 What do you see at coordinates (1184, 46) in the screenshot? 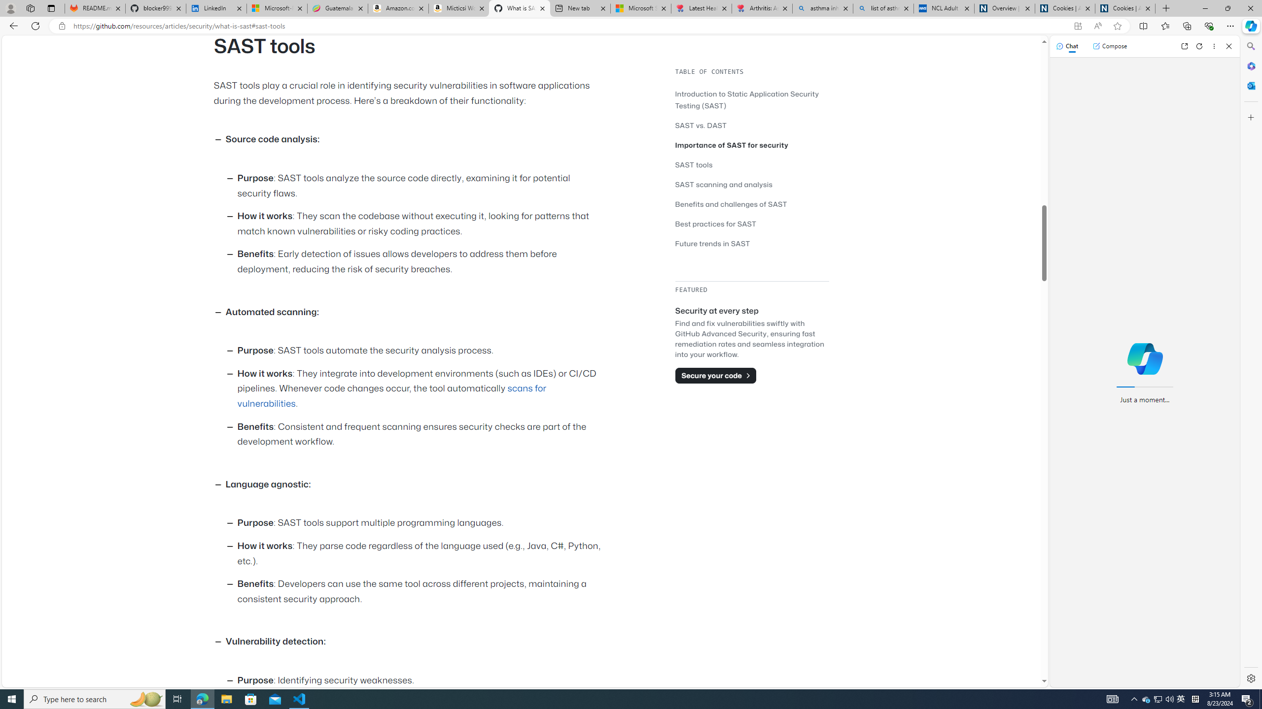
I see `'Open link in new tab'` at bounding box center [1184, 46].